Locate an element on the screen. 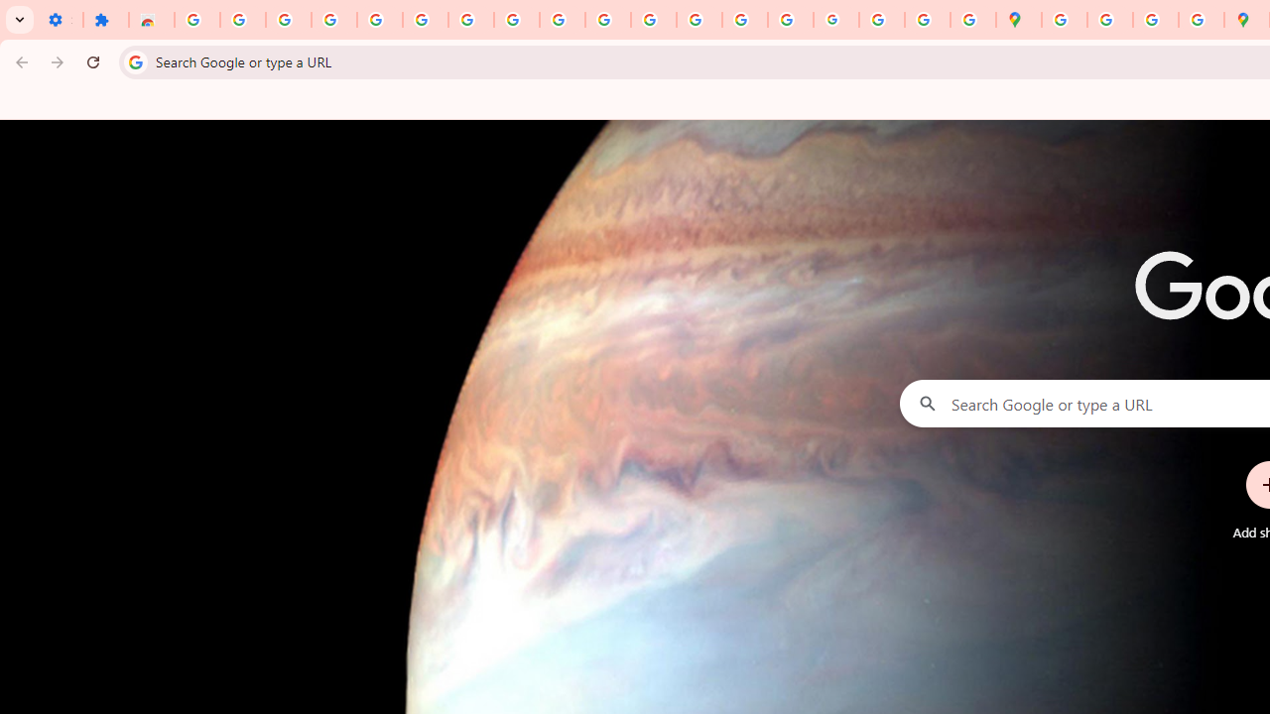 The width and height of the screenshot is (1270, 714). 'Sign in - Google Accounts' is located at coordinates (196, 20).